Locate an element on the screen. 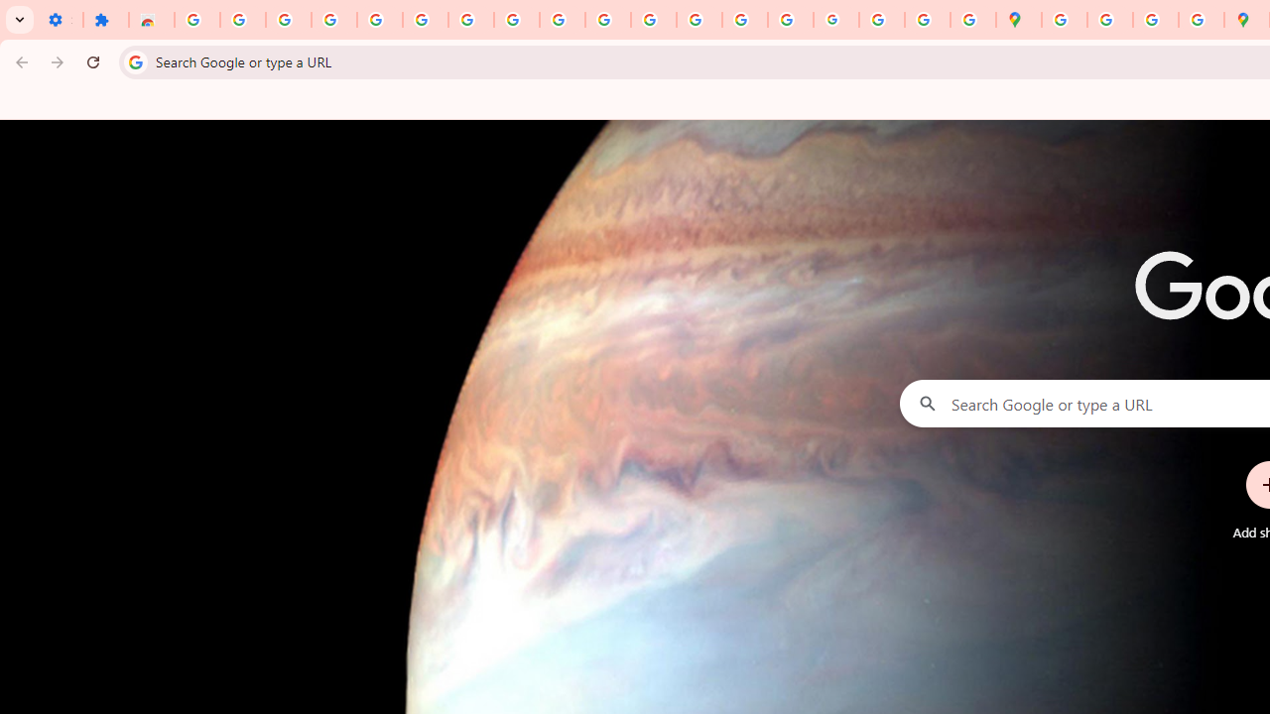 The width and height of the screenshot is (1270, 714). 'Sign in - Google Accounts' is located at coordinates (196, 20).